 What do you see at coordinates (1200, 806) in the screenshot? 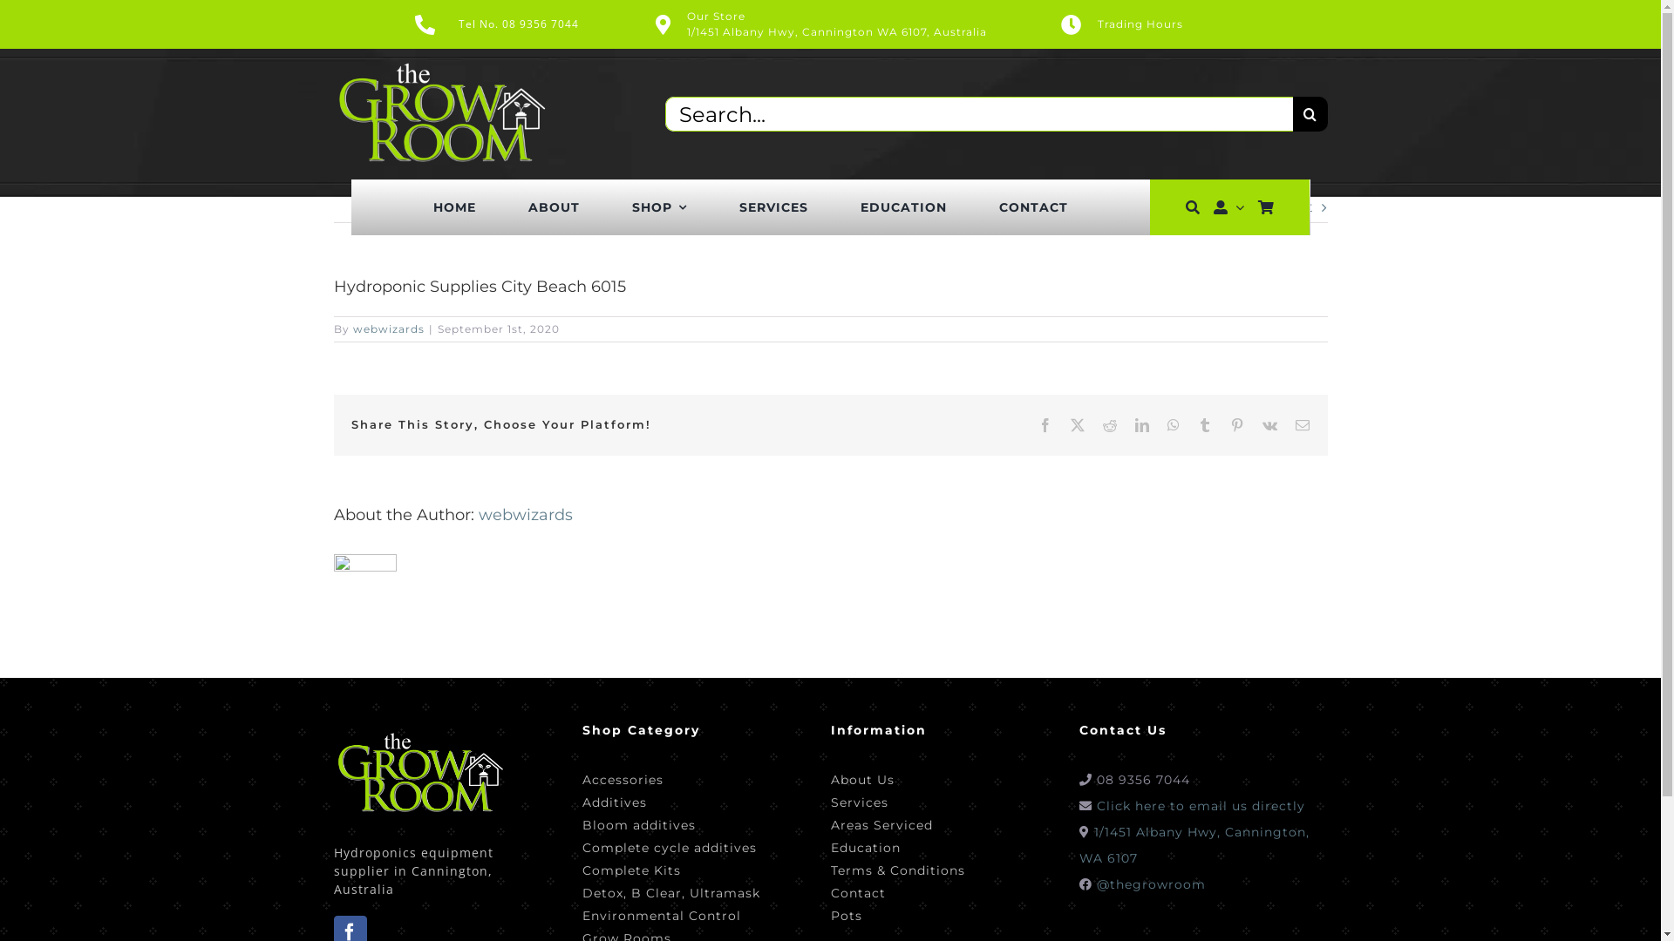
I see `'Click here to email us directly'` at bounding box center [1200, 806].